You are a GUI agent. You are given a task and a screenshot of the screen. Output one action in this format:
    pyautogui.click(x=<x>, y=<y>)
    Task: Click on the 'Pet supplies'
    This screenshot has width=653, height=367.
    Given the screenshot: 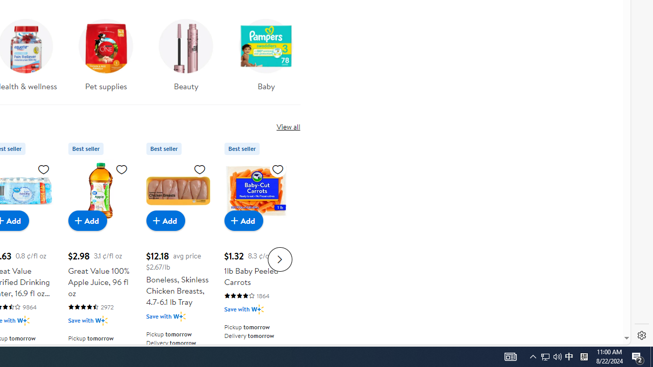 What is the action you would take?
    pyautogui.click(x=106, y=58)
    